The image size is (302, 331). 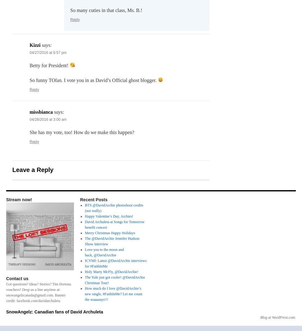 I want to click on 'Stream now!', so click(x=19, y=199).